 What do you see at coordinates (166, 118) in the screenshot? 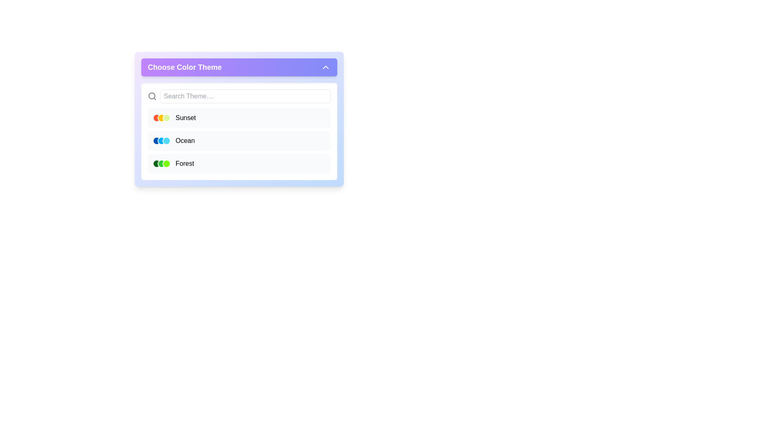
I see `the third circular indicator with a lime-green fill color and a white border, which is located to the right of the 'Sunset' label in the color theme selection panel` at bounding box center [166, 118].